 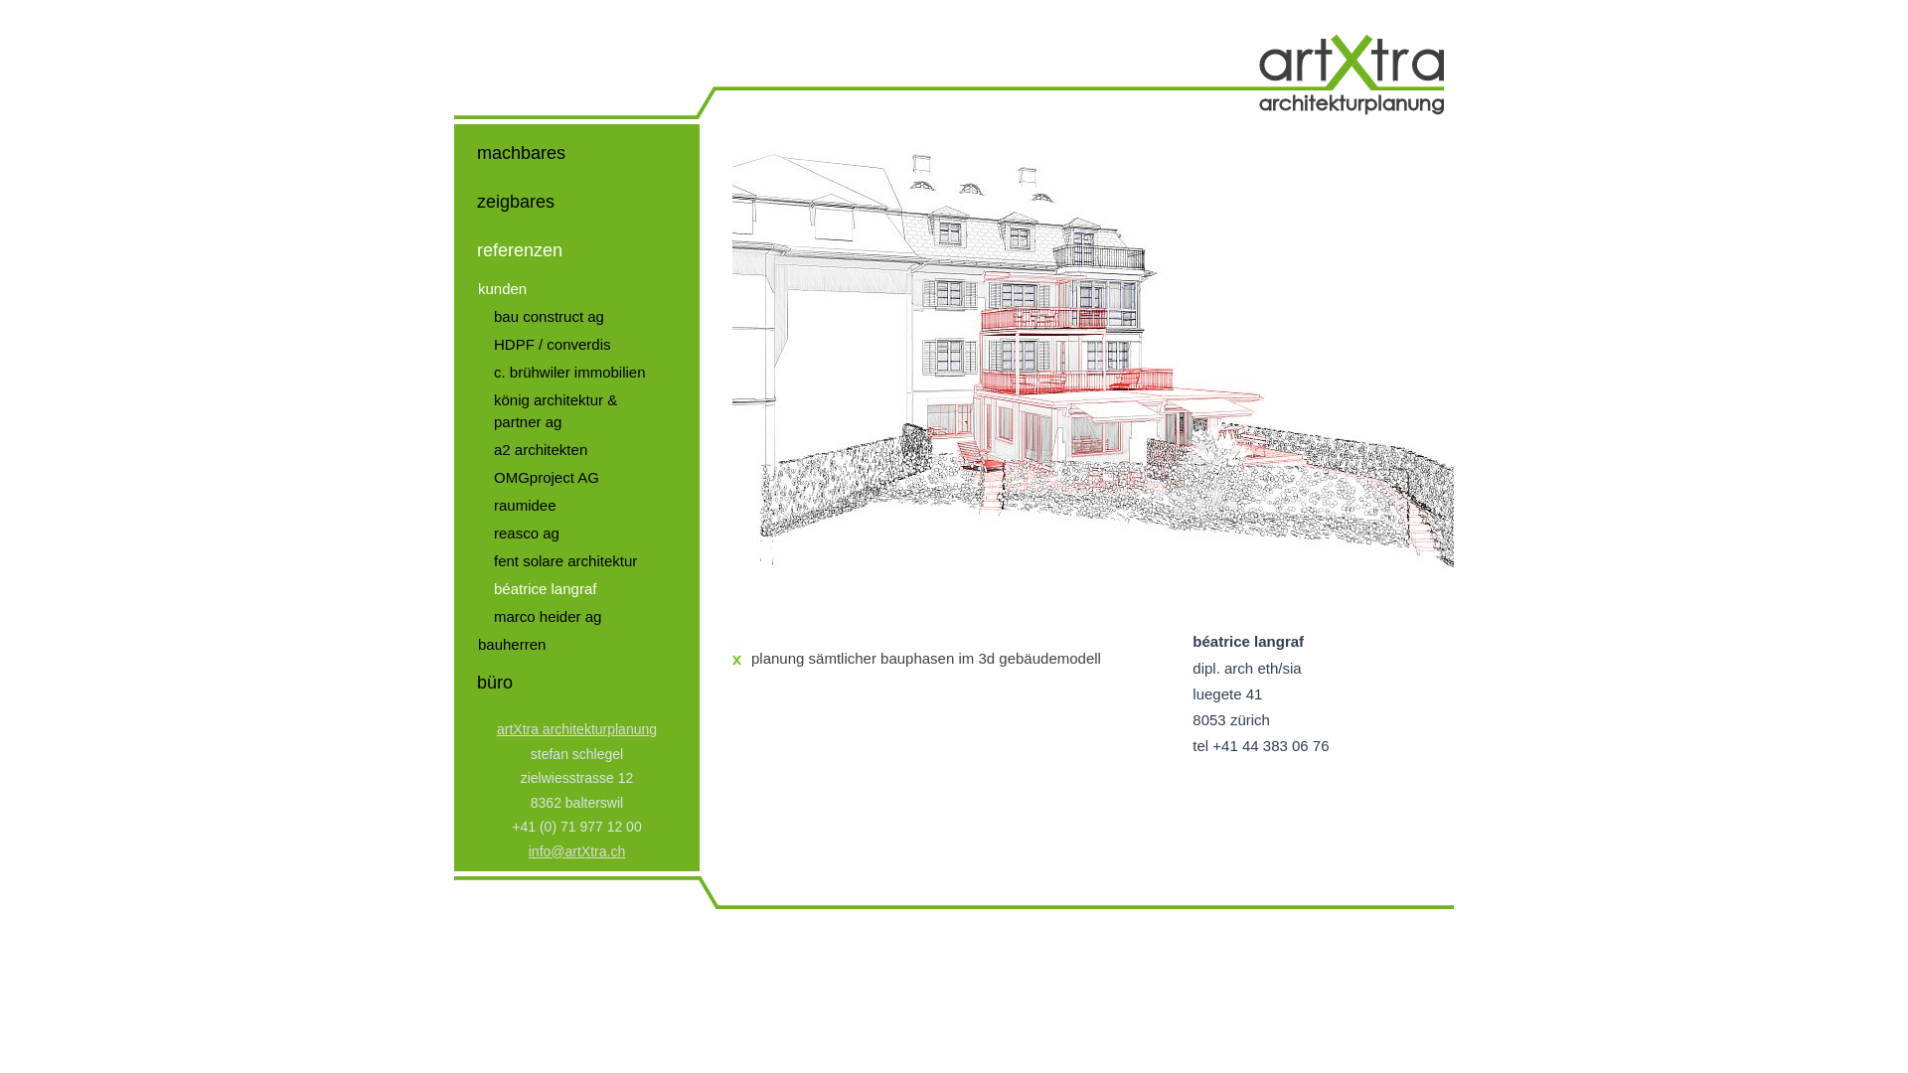 I want to click on 'bauherren', so click(x=575, y=644).